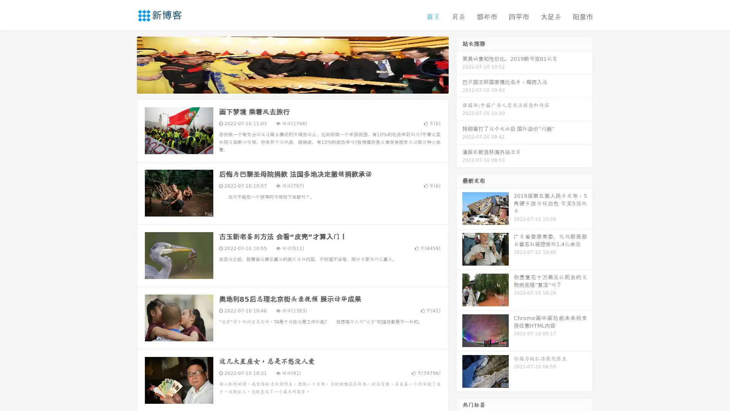 This screenshot has width=730, height=411. I want to click on Go to slide 3, so click(300, 86).